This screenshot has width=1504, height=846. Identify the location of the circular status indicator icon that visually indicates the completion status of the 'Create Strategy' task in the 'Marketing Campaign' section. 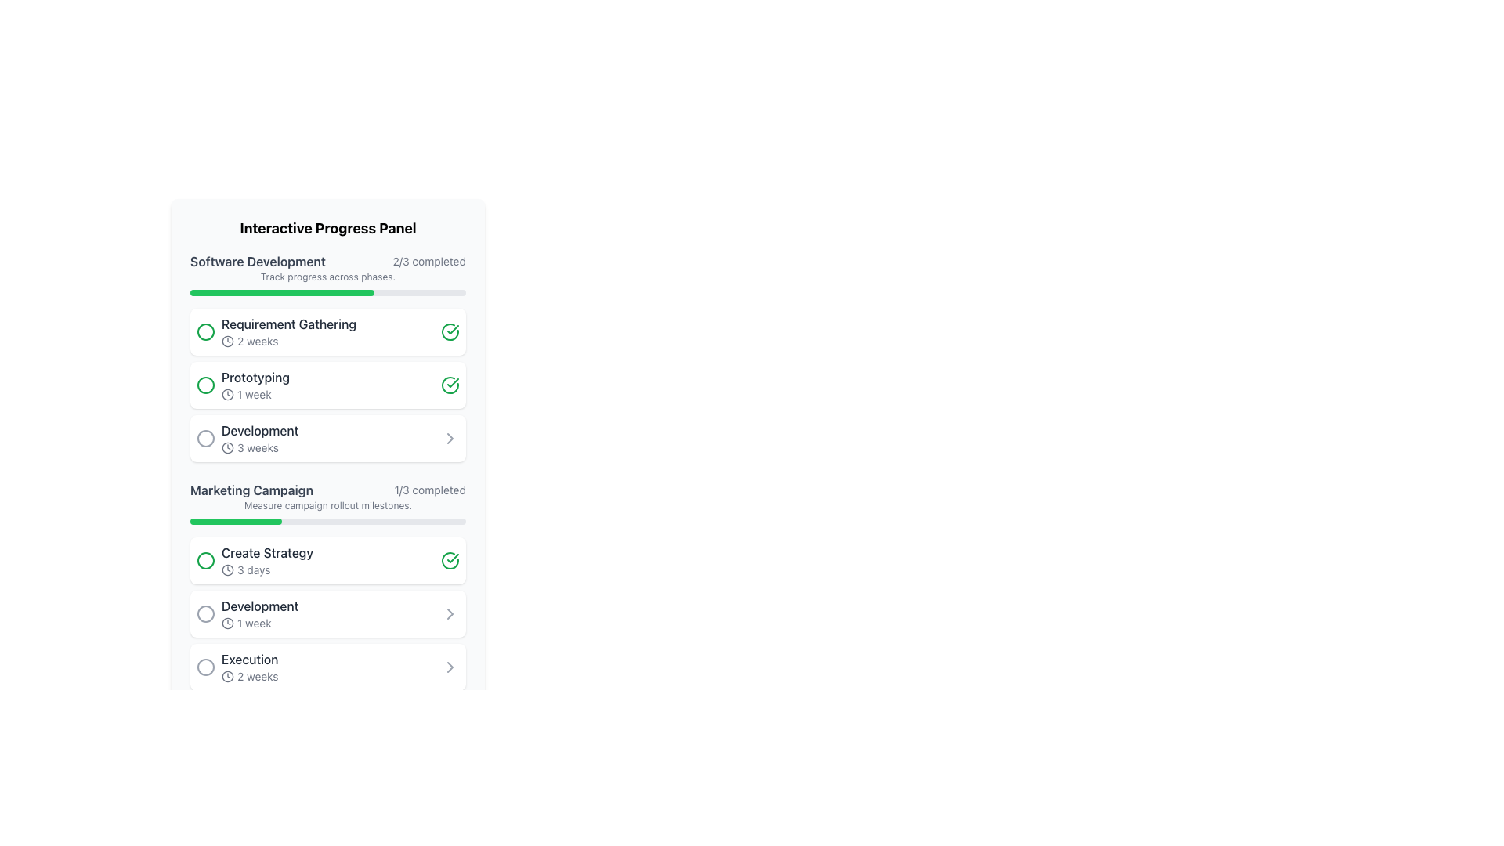
(452, 558).